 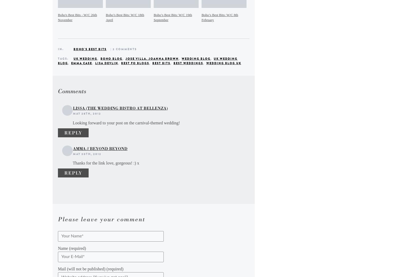 What do you see at coordinates (81, 63) in the screenshot?
I see `'emma case'` at bounding box center [81, 63].